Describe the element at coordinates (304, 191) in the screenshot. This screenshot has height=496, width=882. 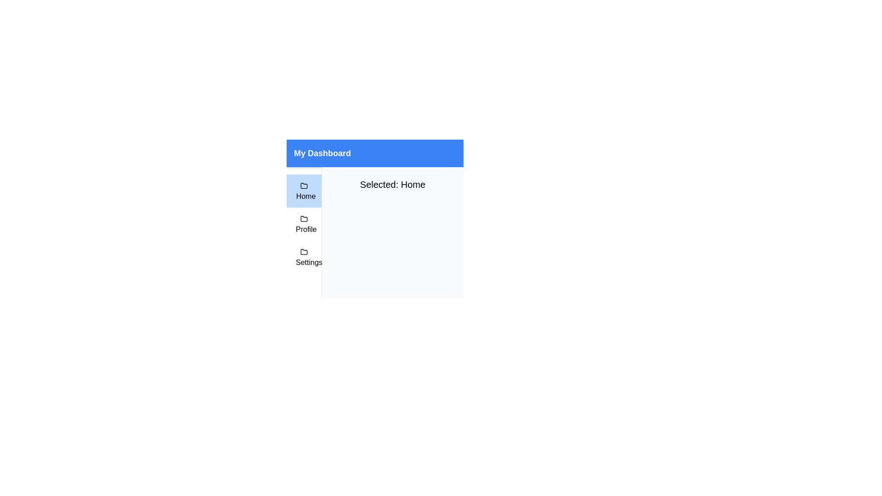
I see `the first Navigation button in the side panel` at that location.